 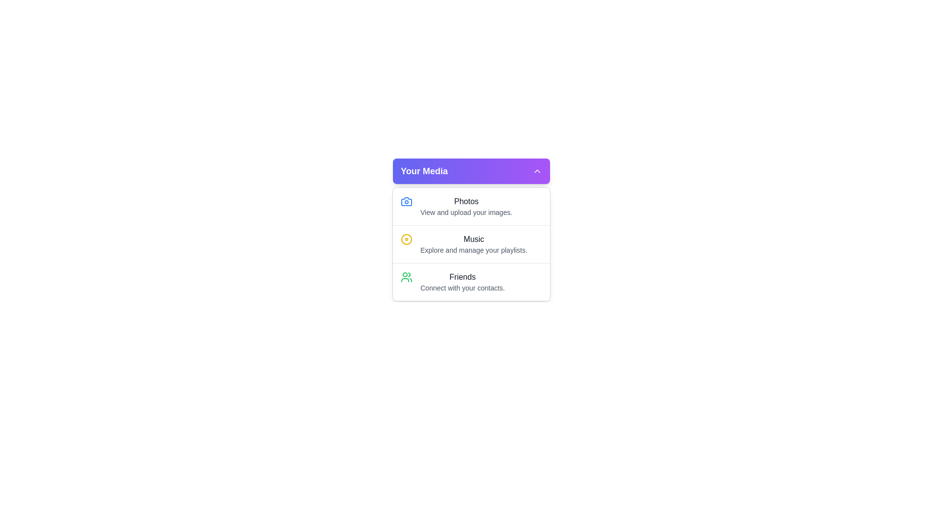 I want to click on the 'Friends' icon located at the beginning of the 'Friends' menu item, which represents social features, so click(x=407, y=277).